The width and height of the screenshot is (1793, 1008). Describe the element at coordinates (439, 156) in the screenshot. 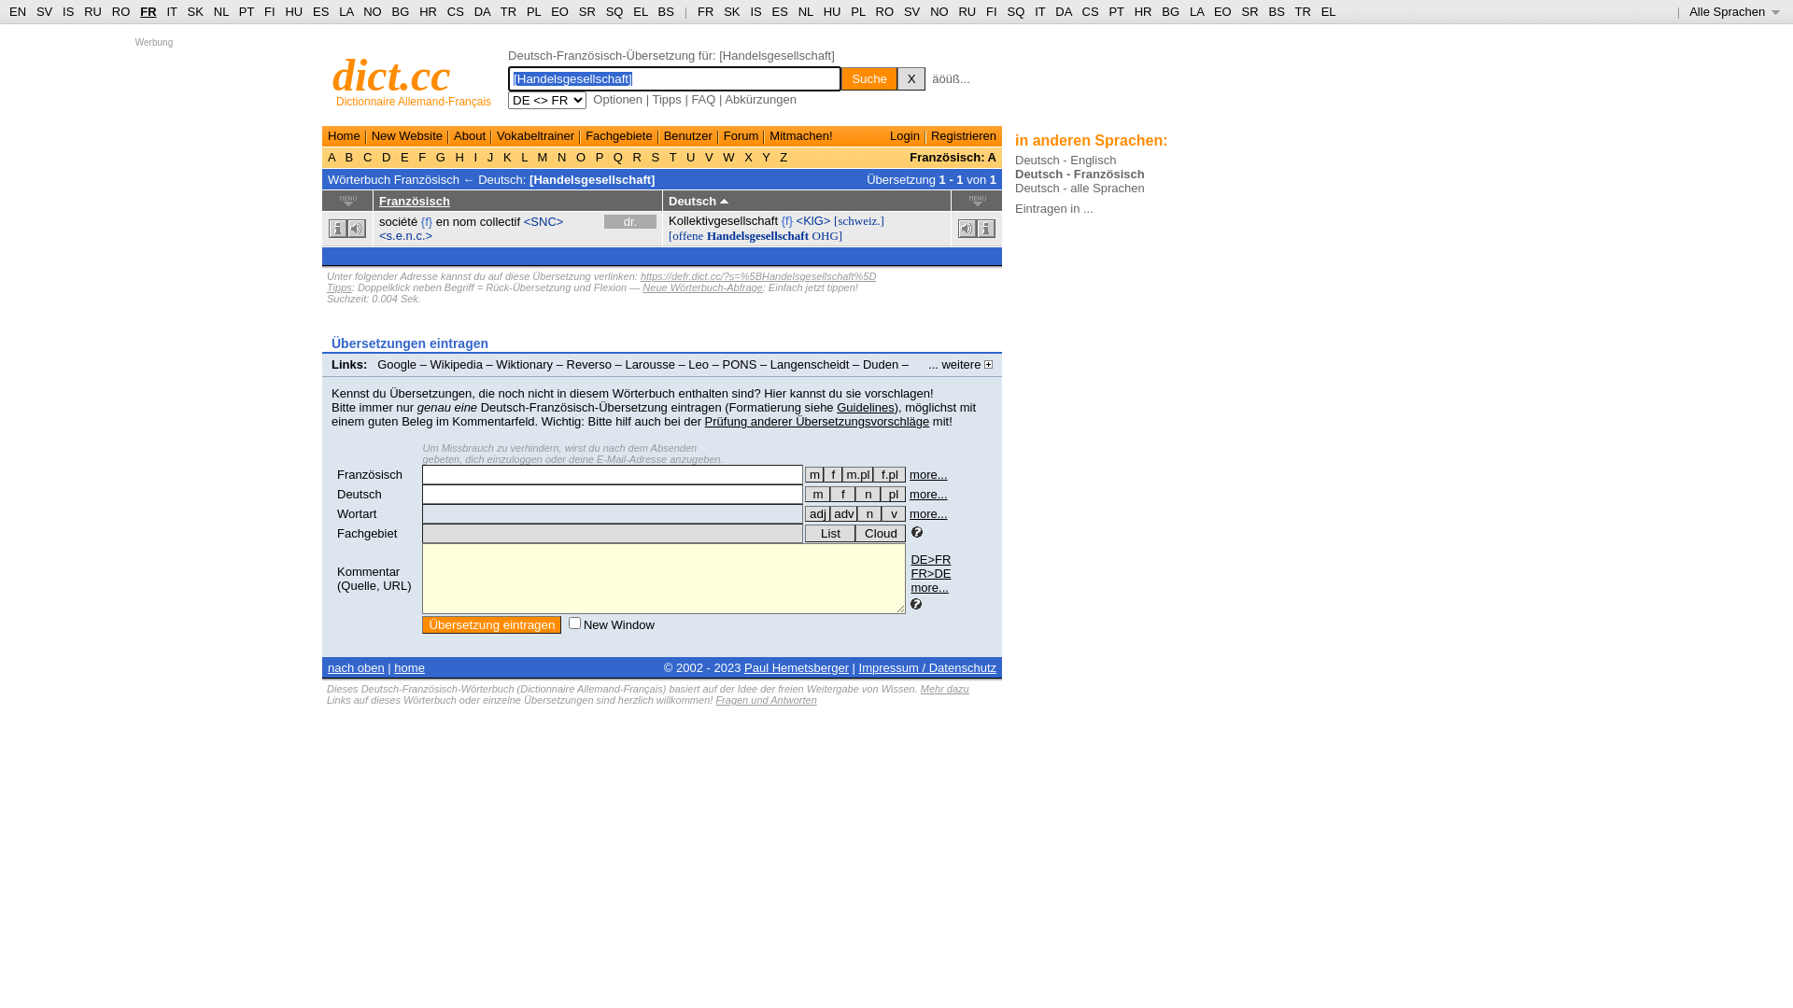

I see `'G'` at that location.